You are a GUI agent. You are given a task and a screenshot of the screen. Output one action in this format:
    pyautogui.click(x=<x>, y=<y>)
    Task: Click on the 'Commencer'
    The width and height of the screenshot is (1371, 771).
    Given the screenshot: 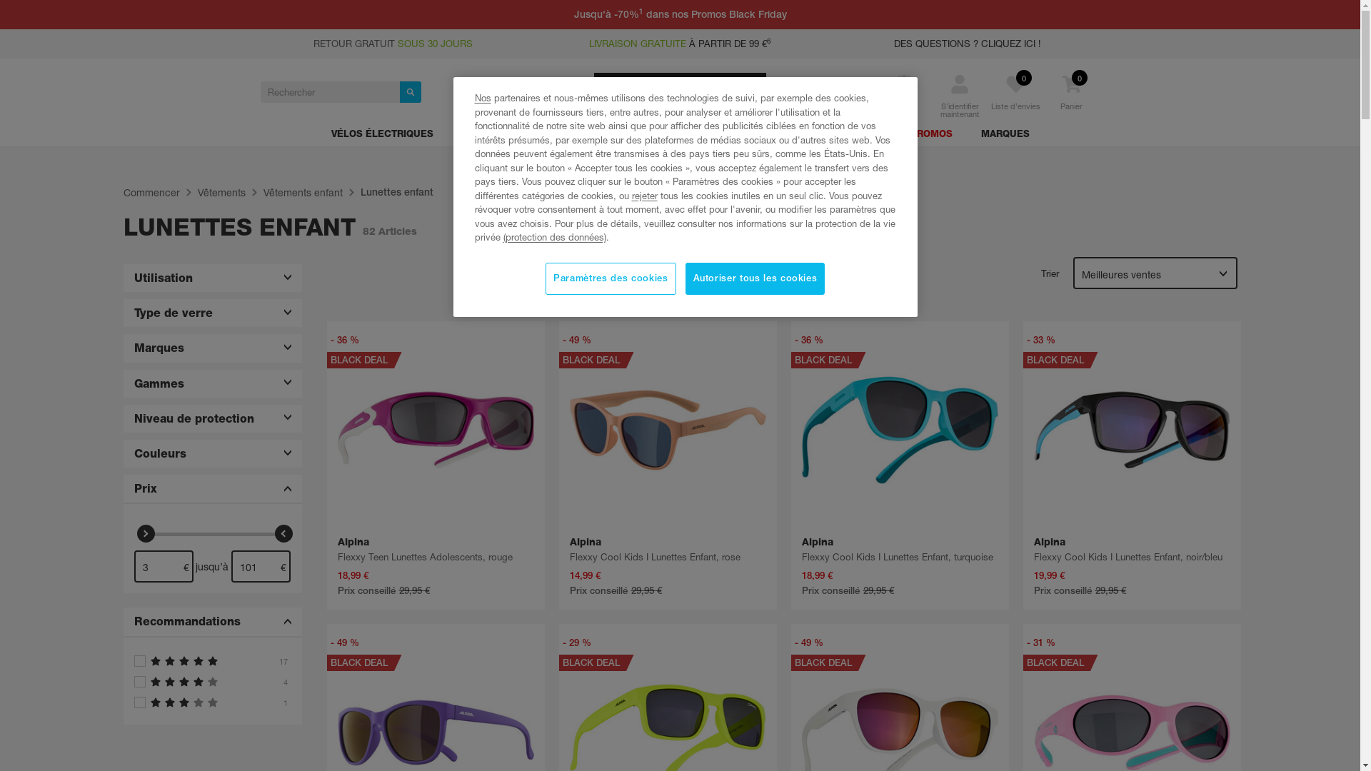 What is the action you would take?
    pyautogui.click(x=151, y=193)
    